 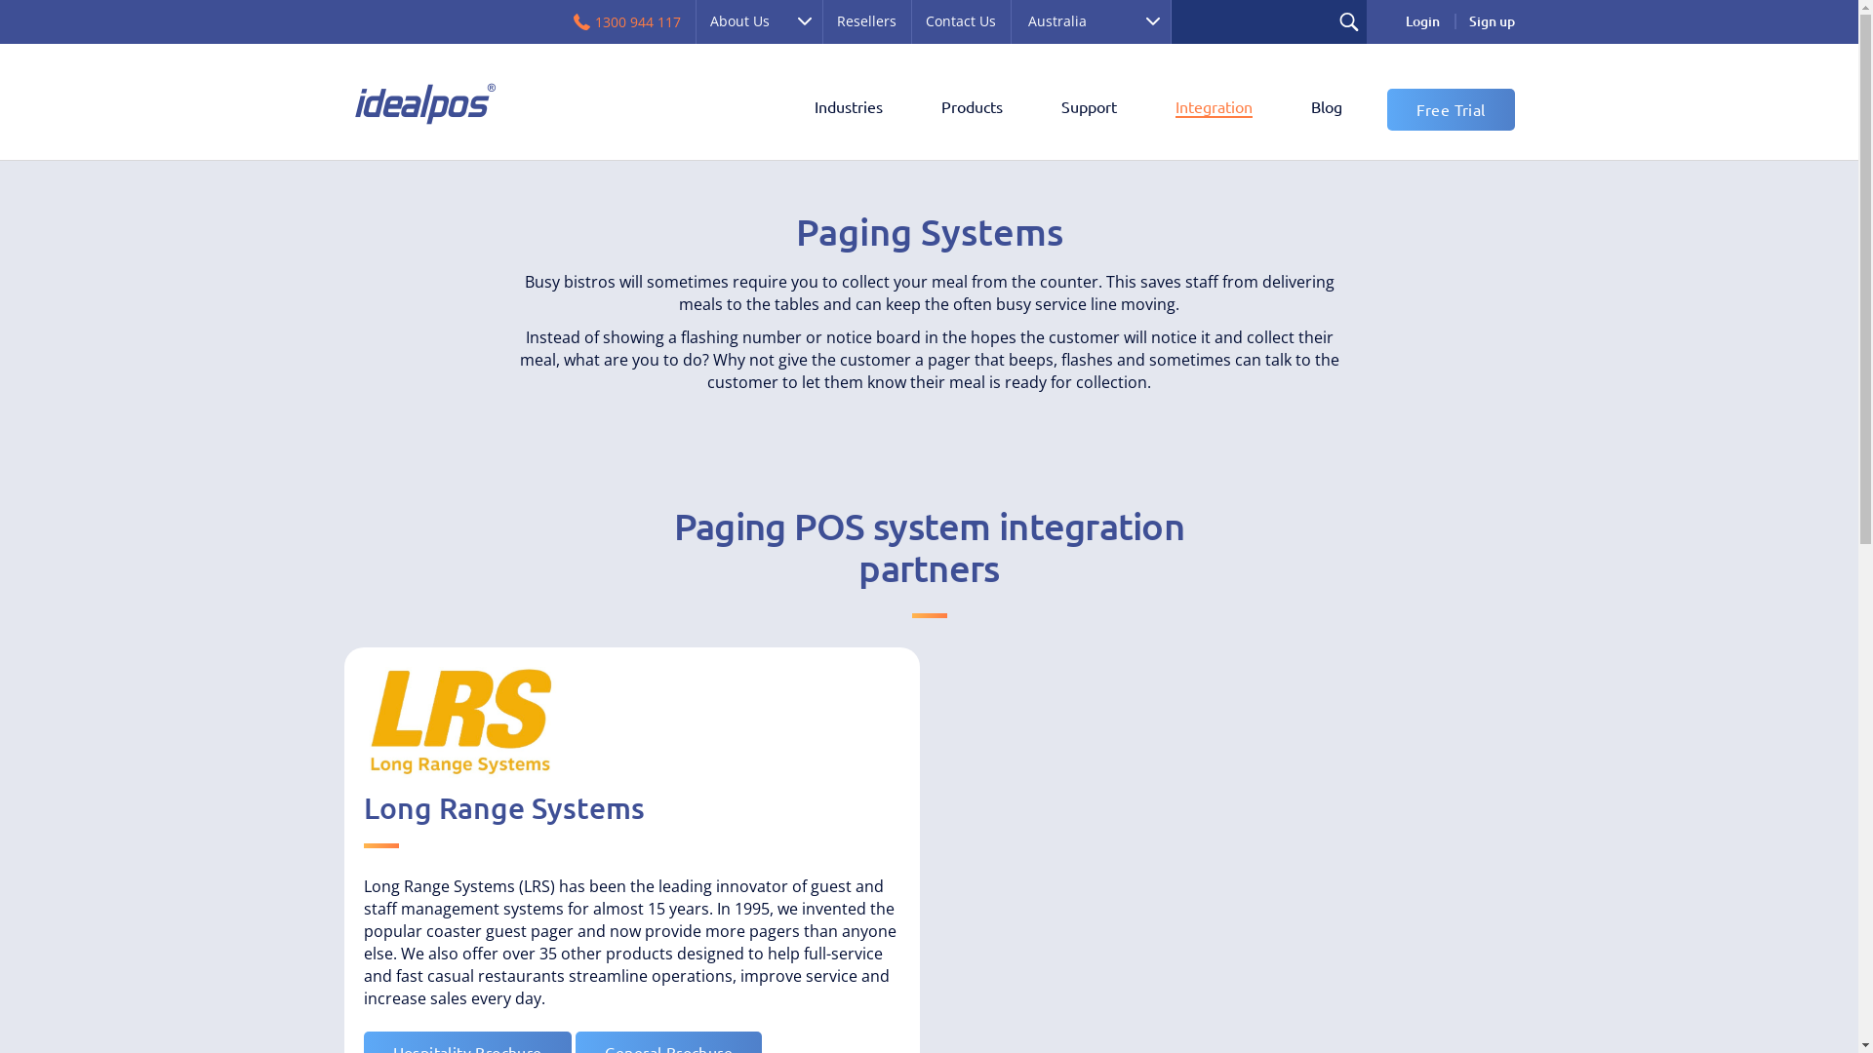 What do you see at coordinates (757, 21) in the screenshot?
I see `'About Us'` at bounding box center [757, 21].